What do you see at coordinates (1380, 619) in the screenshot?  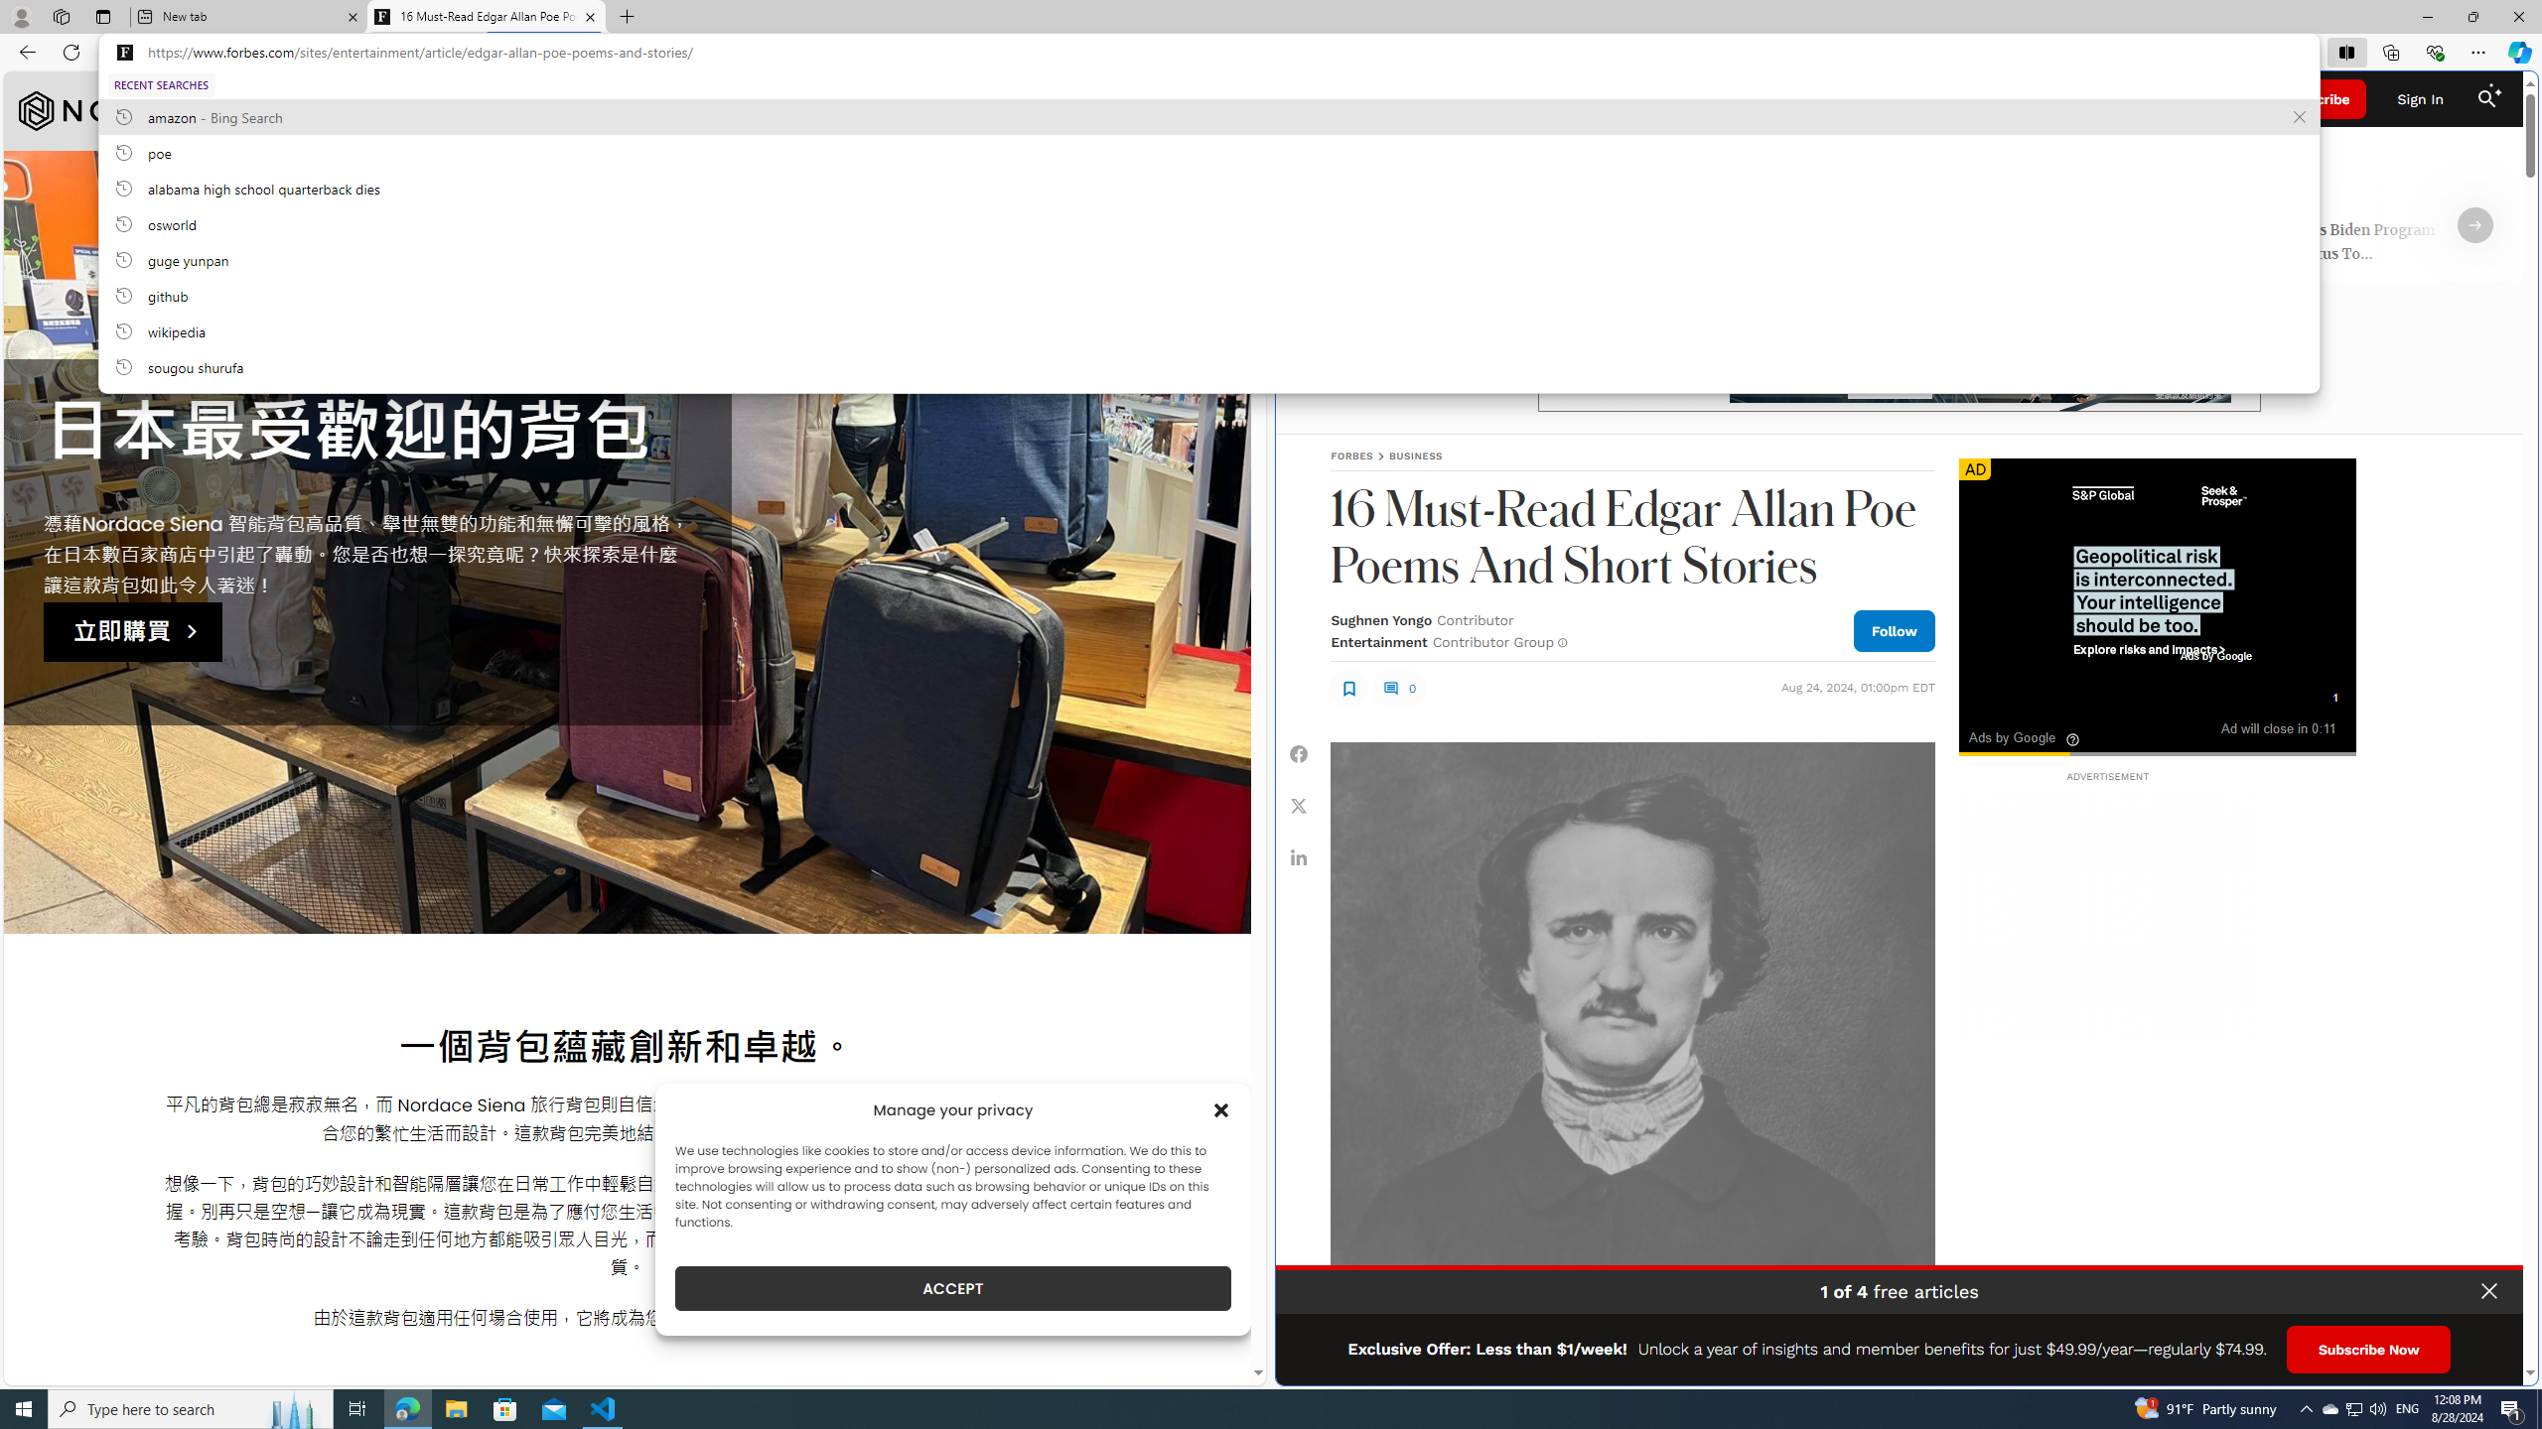 I see `'Sughnen Yongo'` at bounding box center [1380, 619].